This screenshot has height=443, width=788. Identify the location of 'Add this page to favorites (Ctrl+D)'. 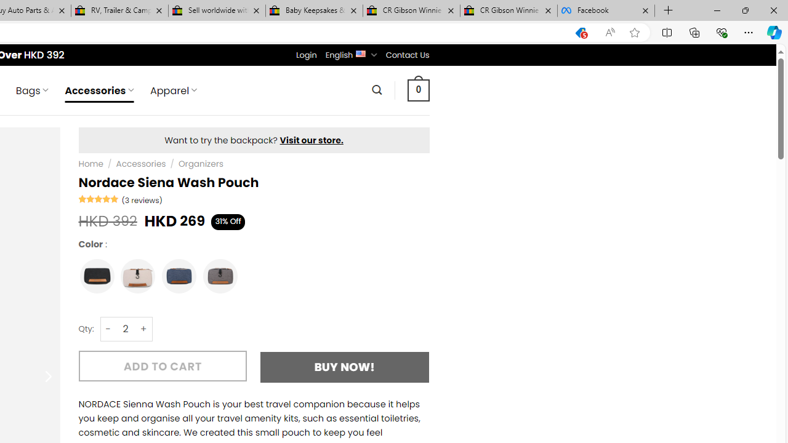
(635, 32).